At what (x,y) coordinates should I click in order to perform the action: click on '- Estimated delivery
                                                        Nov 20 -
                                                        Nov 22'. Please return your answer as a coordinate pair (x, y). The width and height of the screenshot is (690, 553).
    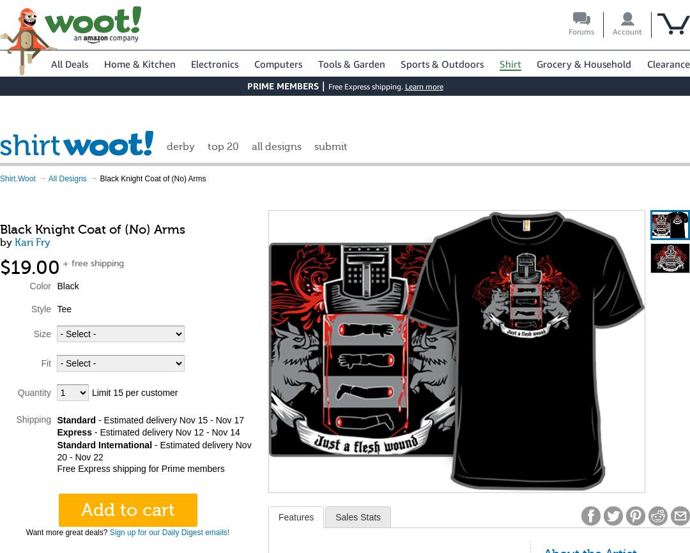
    Looking at the image, I should click on (153, 450).